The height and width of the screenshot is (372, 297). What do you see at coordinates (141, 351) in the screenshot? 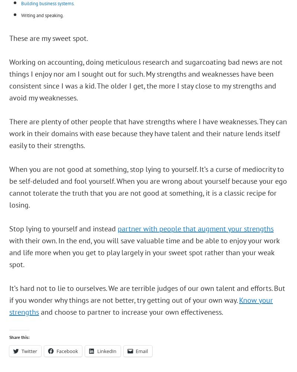
I see `'Email'` at bounding box center [141, 351].